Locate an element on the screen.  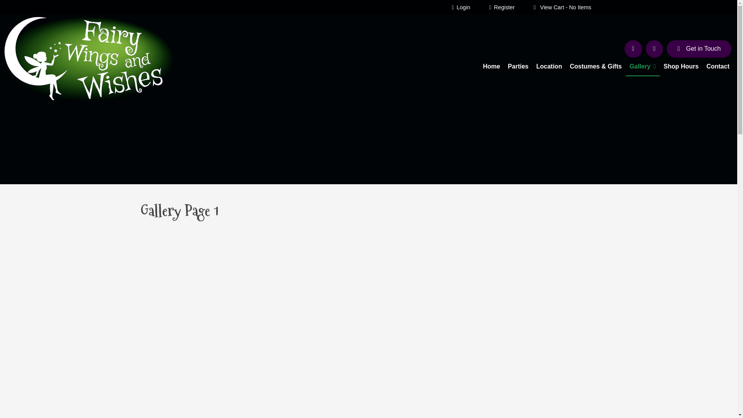
'Contact' is located at coordinates (717, 67).